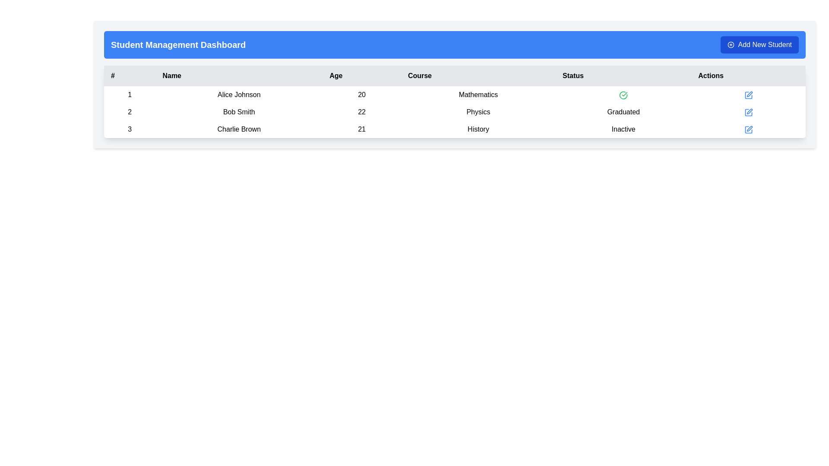 The height and width of the screenshot is (466, 829). What do you see at coordinates (748, 112) in the screenshot?
I see `the 'edit square' icon, which is a line drawing resembling a square with an open top-right corner, located in the 'Actions' column of a table row, specifically the second icon in its row` at bounding box center [748, 112].